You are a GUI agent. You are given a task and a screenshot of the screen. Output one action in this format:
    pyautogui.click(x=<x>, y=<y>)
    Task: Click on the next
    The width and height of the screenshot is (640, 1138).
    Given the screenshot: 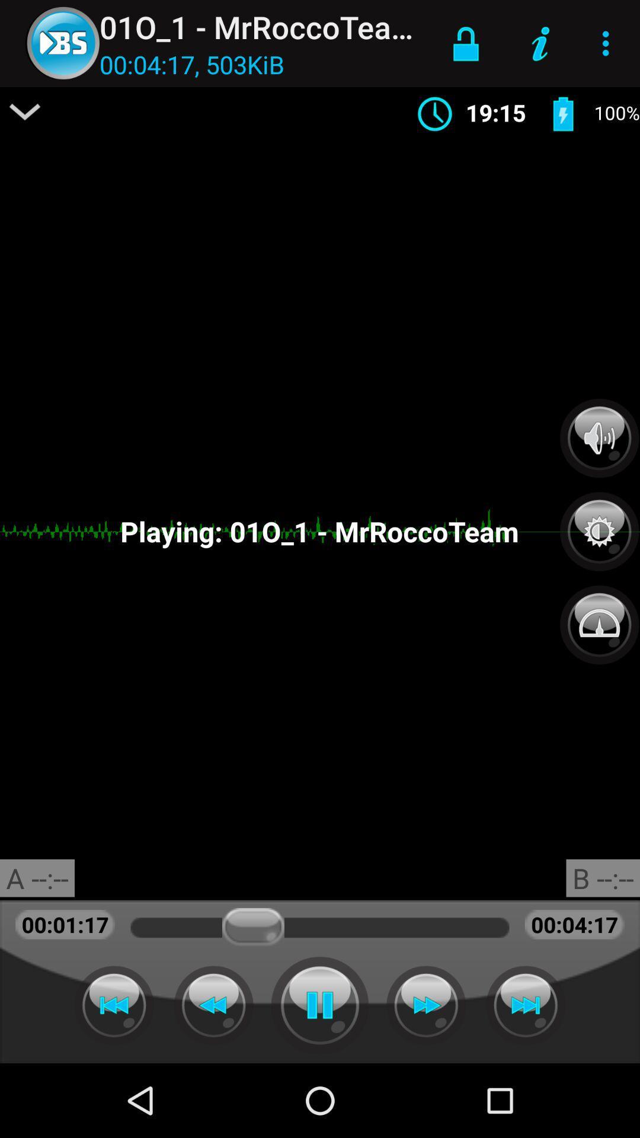 What is the action you would take?
    pyautogui.click(x=425, y=1005)
    